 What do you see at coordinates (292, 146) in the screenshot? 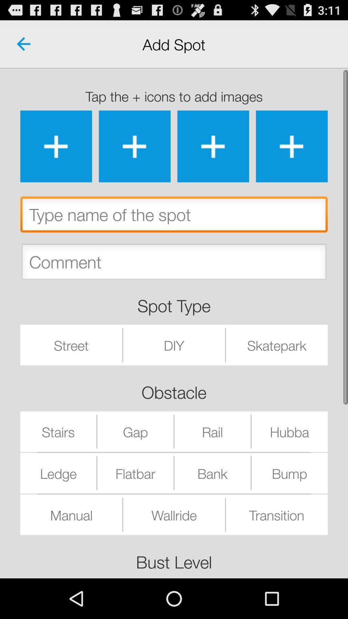
I see `upload image` at bounding box center [292, 146].